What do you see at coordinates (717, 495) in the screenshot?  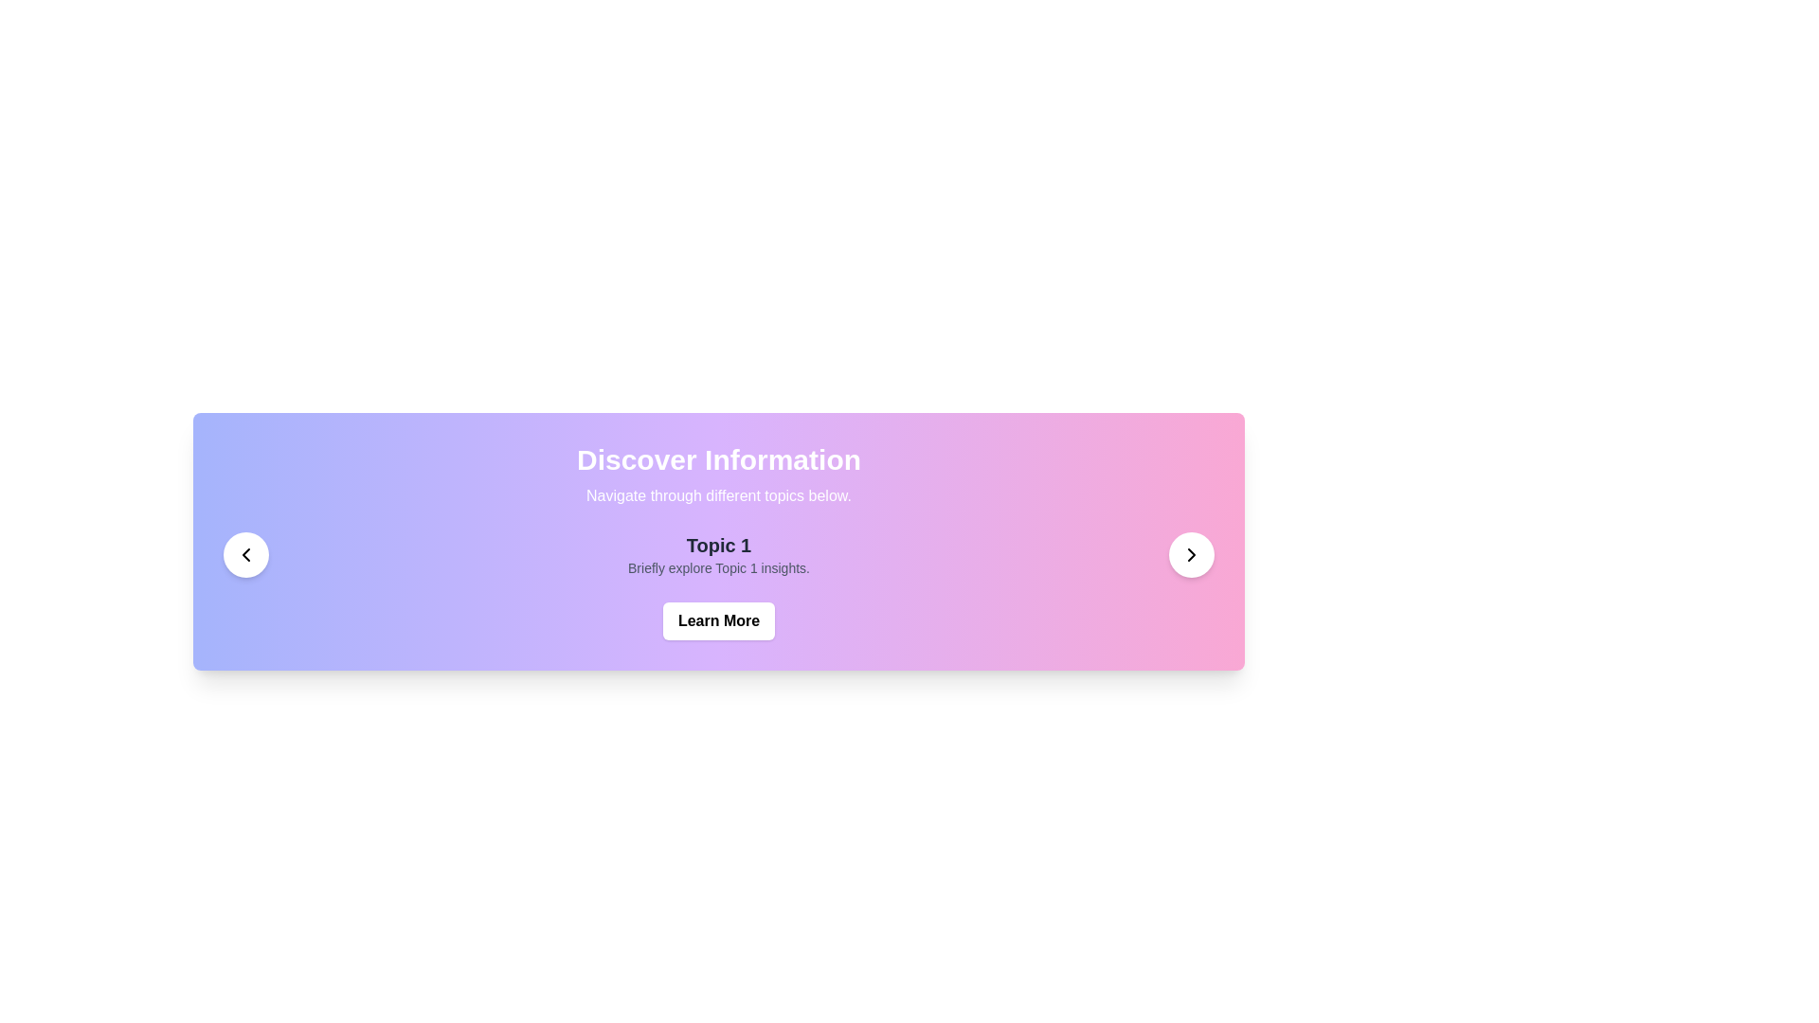 I see `the Text label that provides instructions for navigating topics, located in the lower half of the gradient banner below the 'Discover Information' heading` at bounding box center [717, 495].